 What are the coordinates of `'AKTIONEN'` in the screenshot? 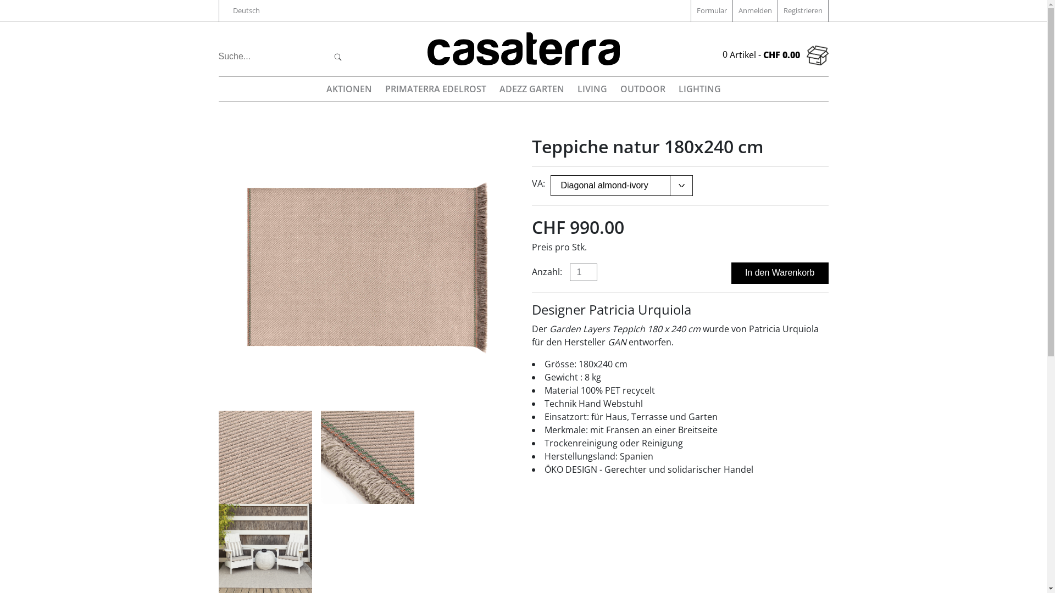 It's located at (320, 88).